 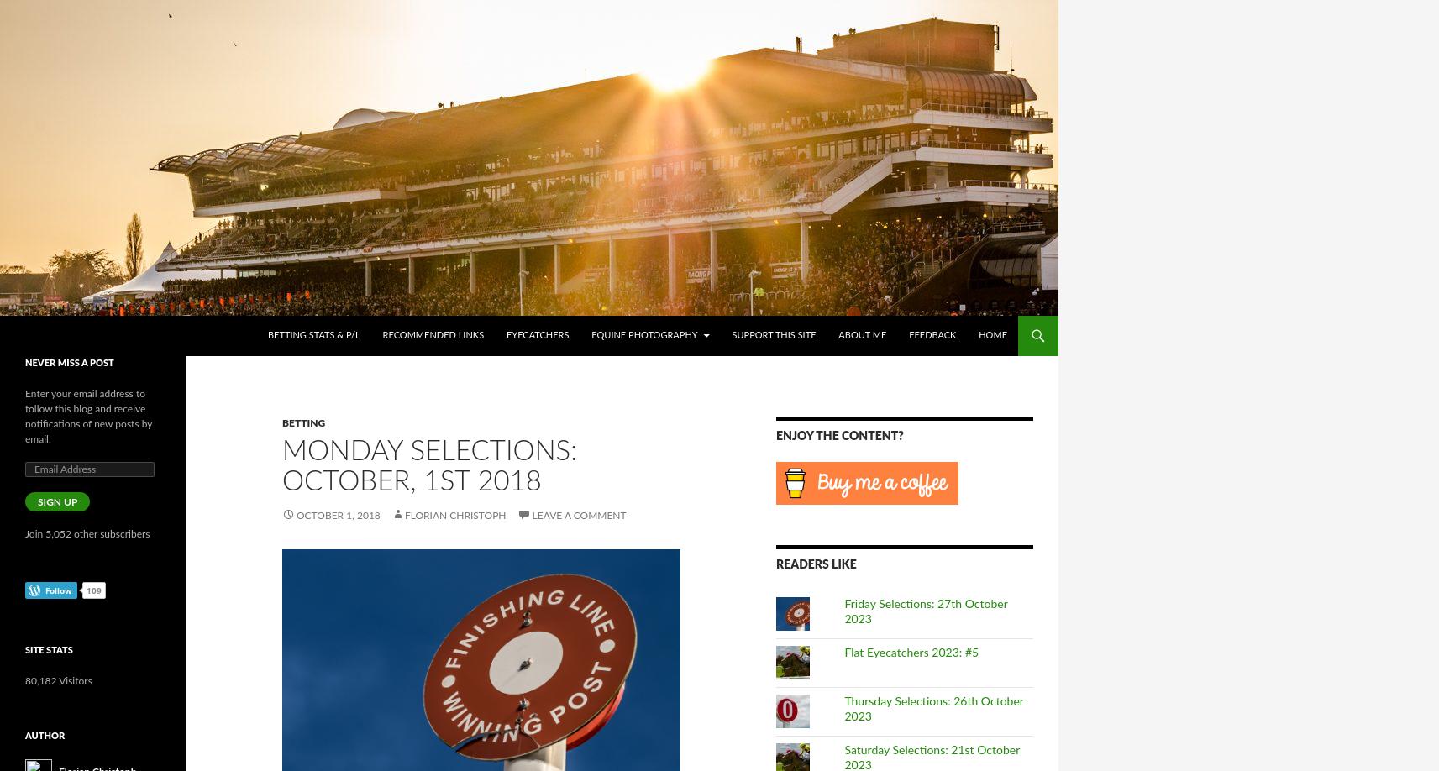 I want to click on 'Thursday Selections: 26th October 2023', so click(x=932, y=709).